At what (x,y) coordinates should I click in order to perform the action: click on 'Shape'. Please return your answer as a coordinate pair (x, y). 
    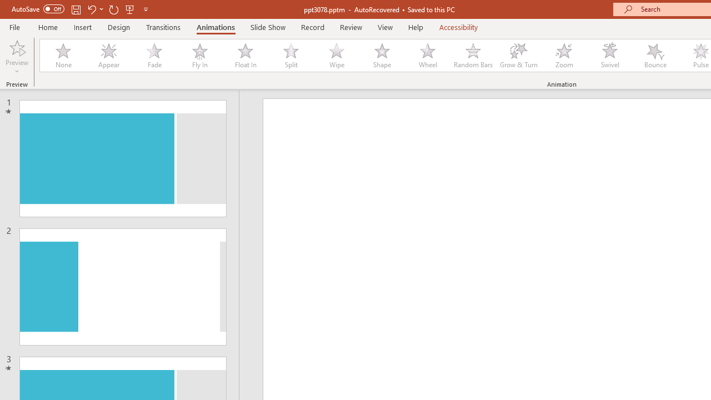
    Looking at the image, I should click on (382, 56).